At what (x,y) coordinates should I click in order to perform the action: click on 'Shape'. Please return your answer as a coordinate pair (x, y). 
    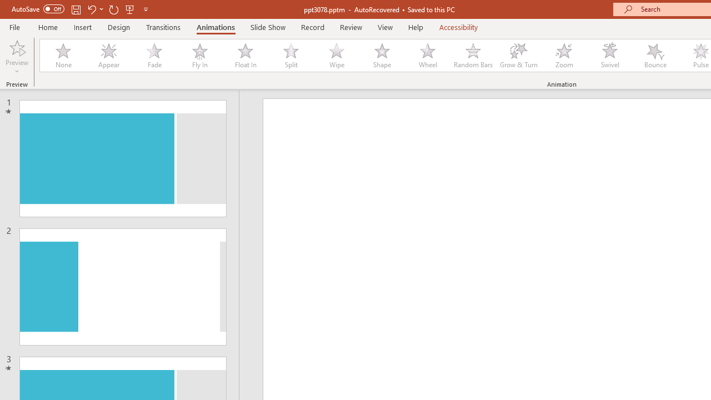
    Looking at the image, I should click on (382, 56).